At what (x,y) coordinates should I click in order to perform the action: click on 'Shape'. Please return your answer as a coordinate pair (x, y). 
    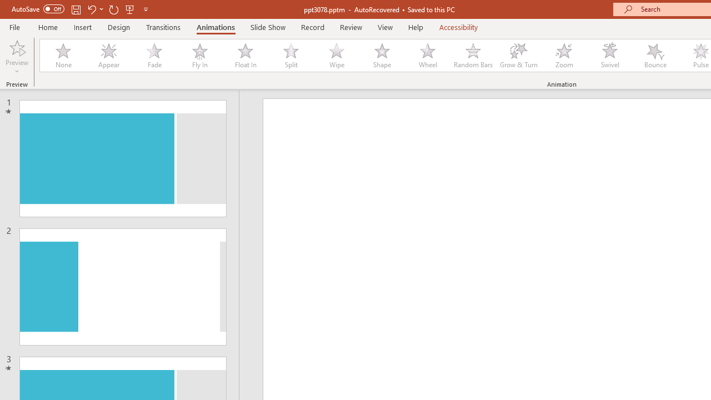
    Looking at the image, I should click on (382, 56).